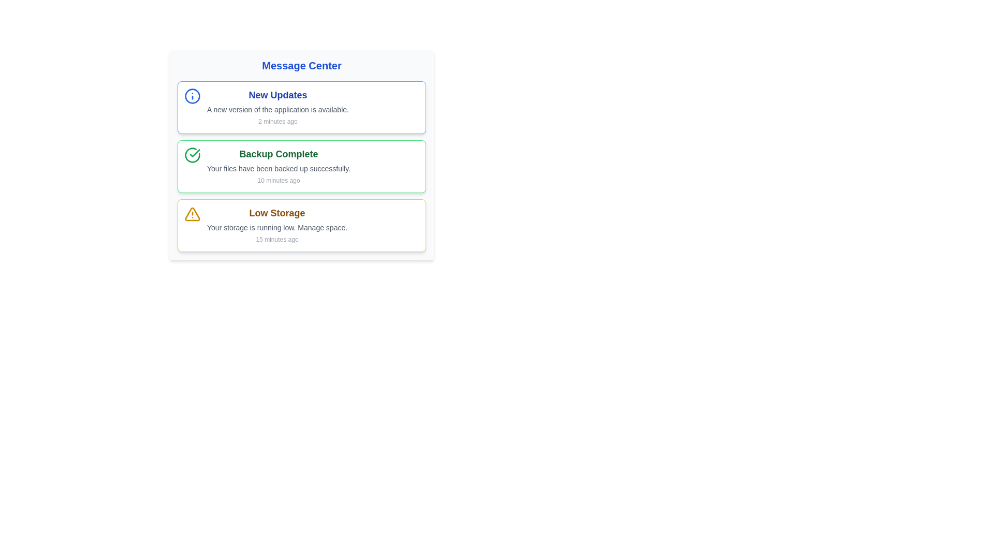 This screenshot has width=994, height=559. What do you see at coordinates (301, 166) in the screenshot?
I see `the group of notification cards located below the 'Message Center' header` at bounding box center [301, 166].